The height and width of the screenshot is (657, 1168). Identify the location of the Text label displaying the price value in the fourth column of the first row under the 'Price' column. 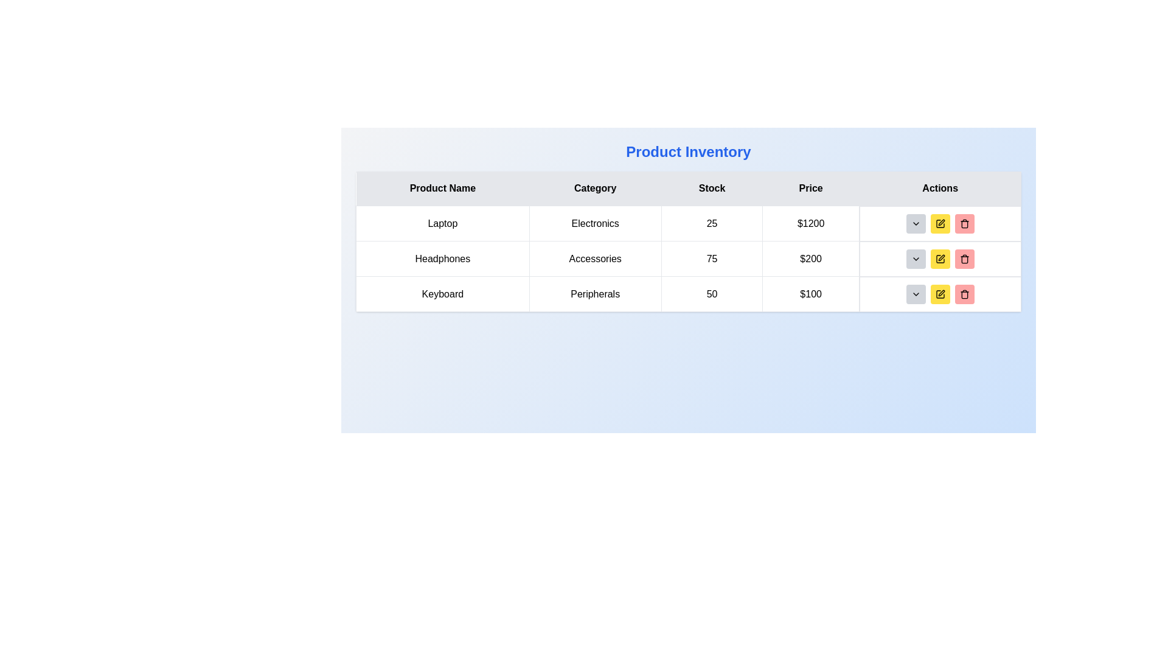
(811, 223).